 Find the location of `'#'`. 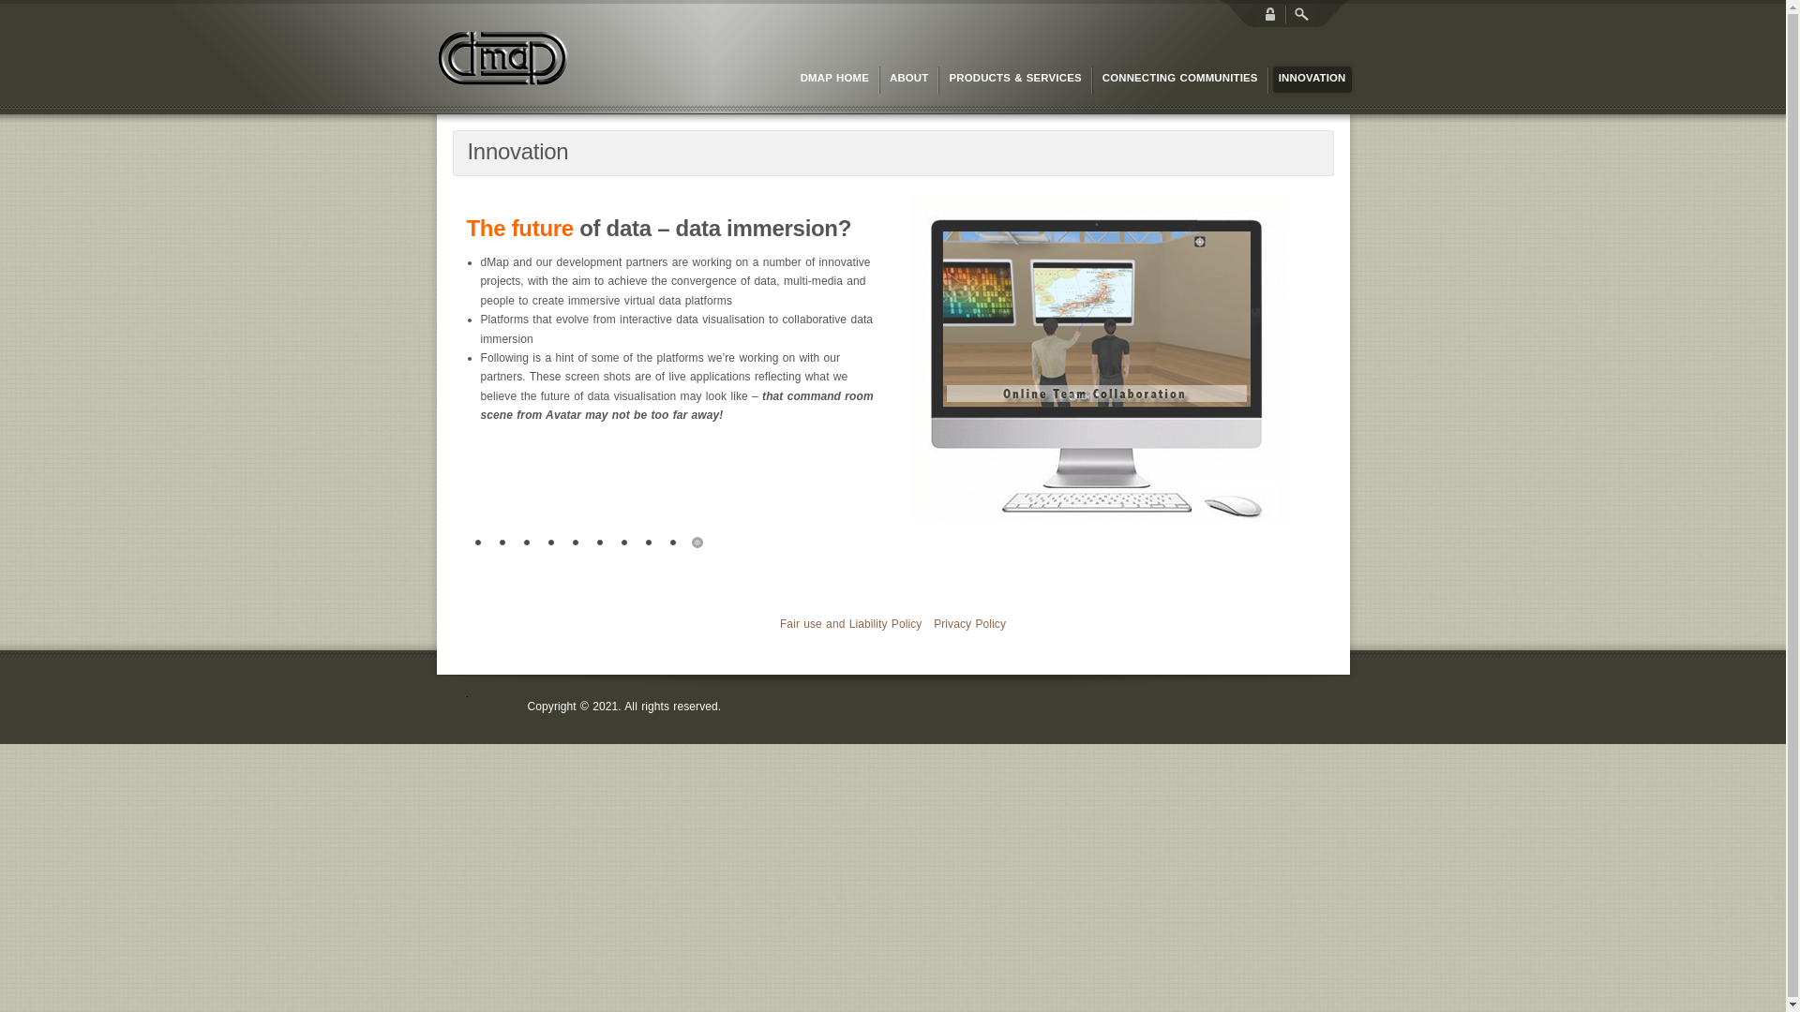

'#' is located at coordinates (648, 543).